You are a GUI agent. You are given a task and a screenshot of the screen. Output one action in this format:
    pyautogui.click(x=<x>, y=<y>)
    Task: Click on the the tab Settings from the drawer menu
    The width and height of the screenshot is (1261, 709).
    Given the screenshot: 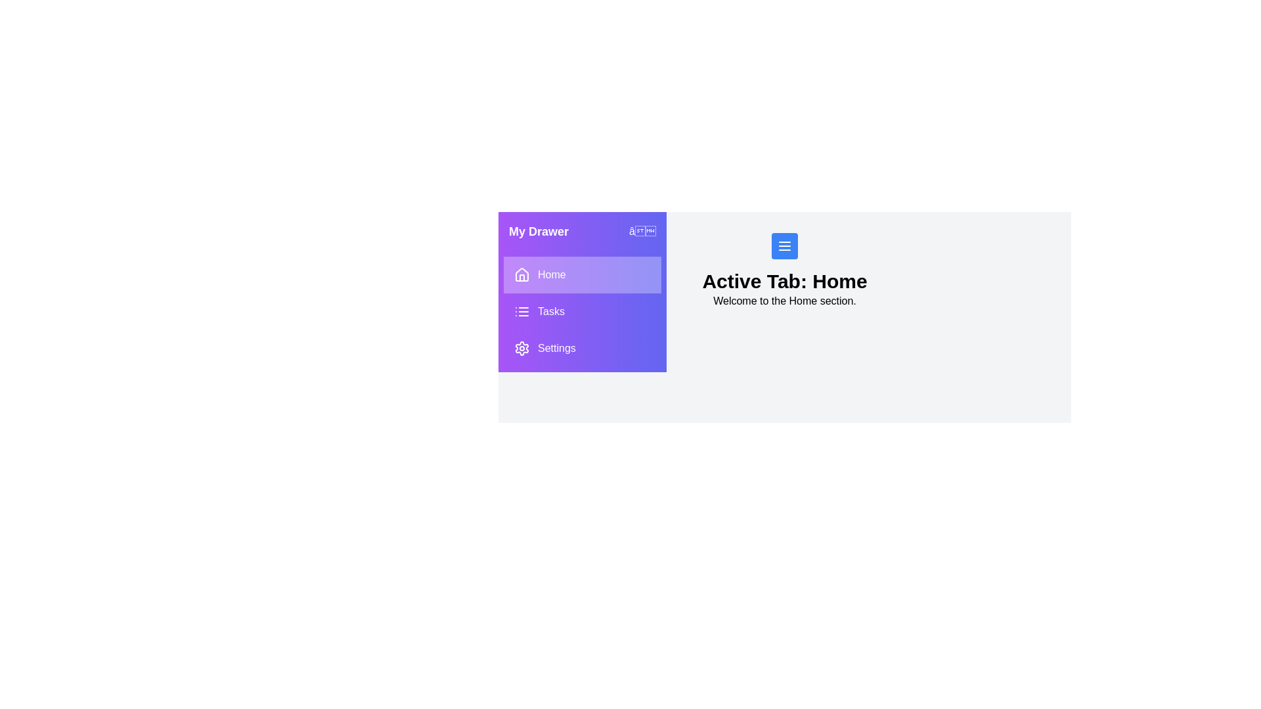 What is the action you would take?
    pyautogui.click(x=582, y=348)
    